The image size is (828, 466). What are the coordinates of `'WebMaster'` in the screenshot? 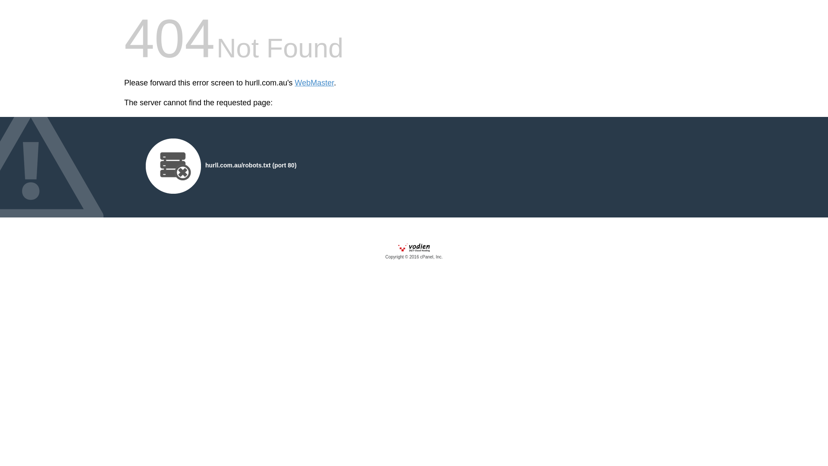 It's located at (295, 83).